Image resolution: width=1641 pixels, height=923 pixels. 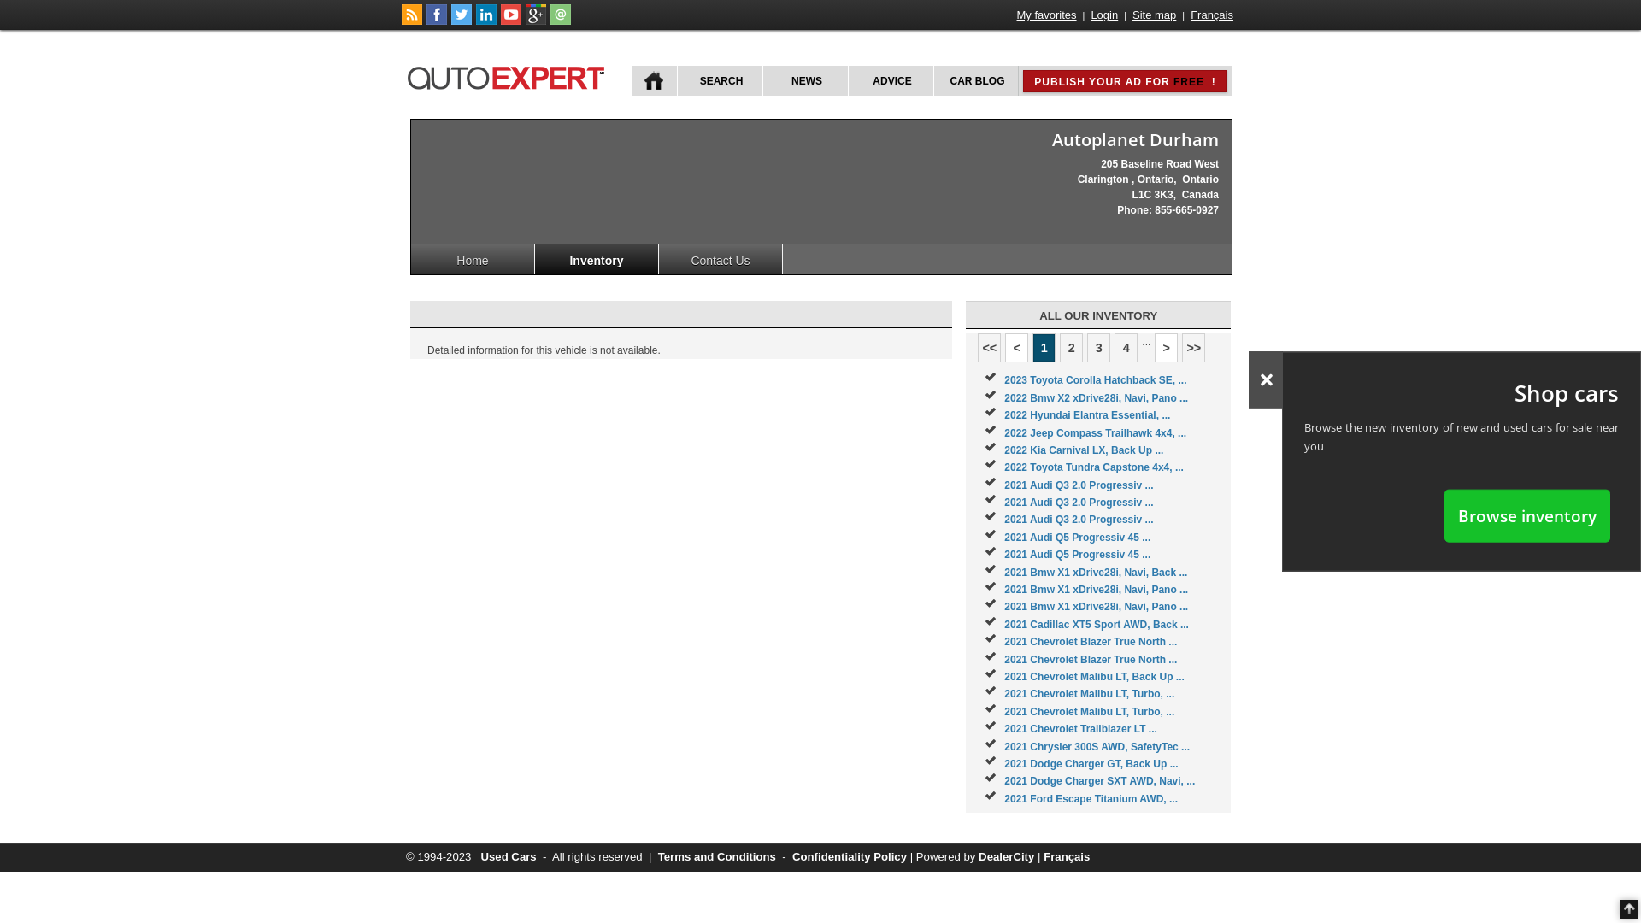 I want to click on 'Login', so click(x=1103, y=15).